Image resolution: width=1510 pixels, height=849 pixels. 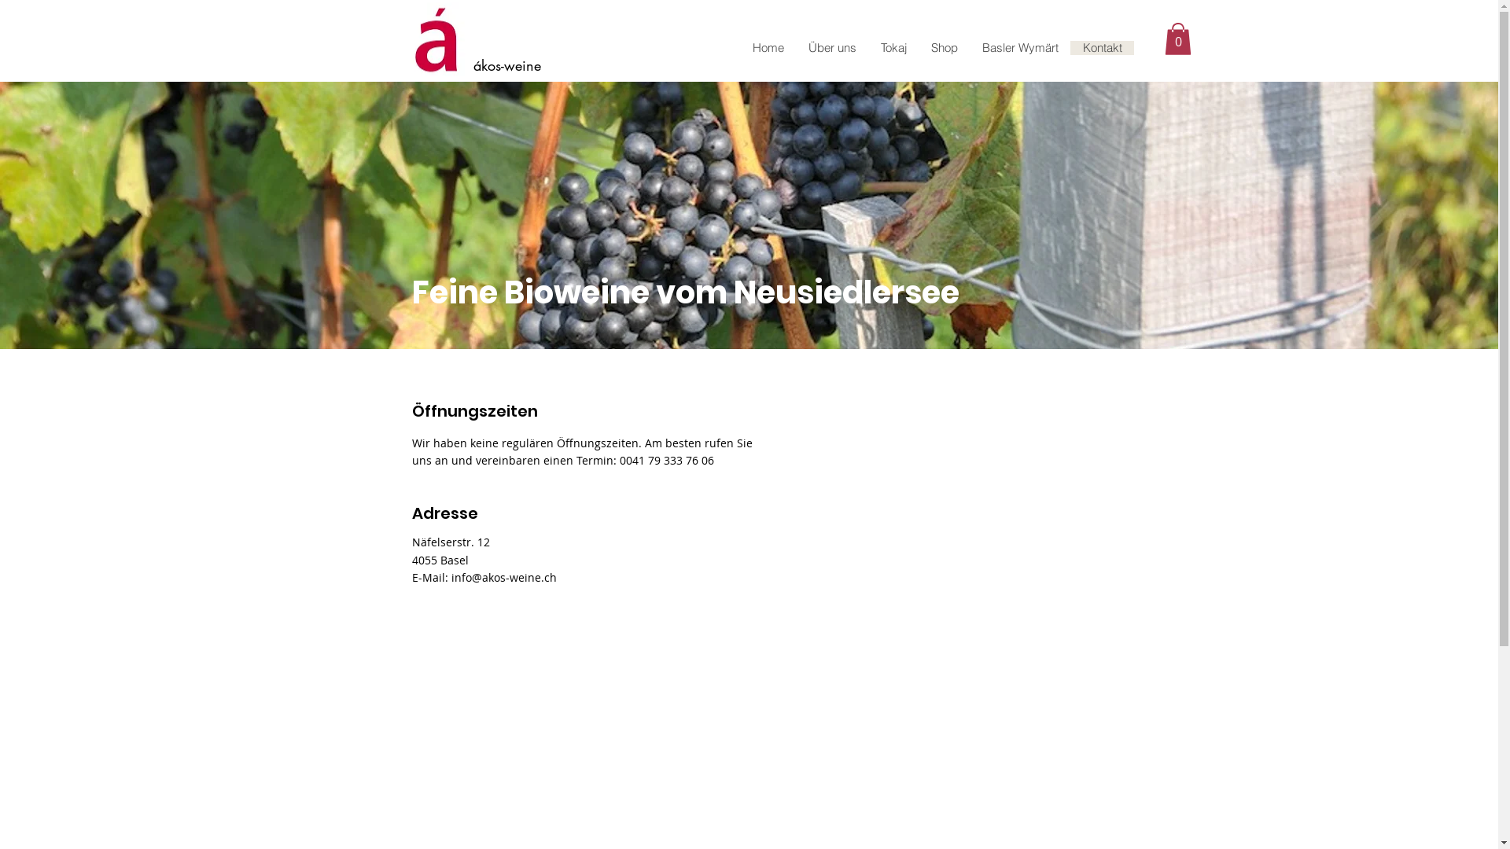 What do you see at coordinates (1177, 38) in the screenshot?
I see `'0'` at bounding box center [1177, 38].